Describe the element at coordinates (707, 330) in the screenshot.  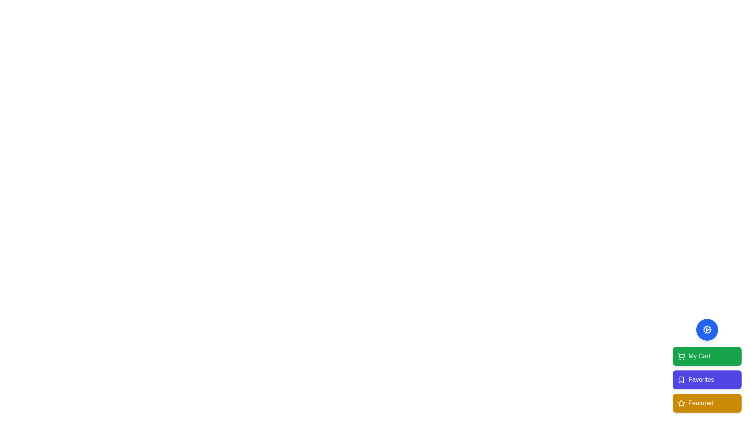
I see `the blue circular icon button containing a white gear symbol located on the right side of the interface` at that location.